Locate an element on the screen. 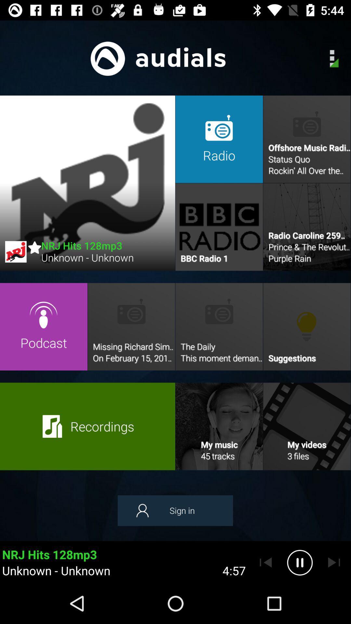  pause playback is located at coordinates (300, 562).